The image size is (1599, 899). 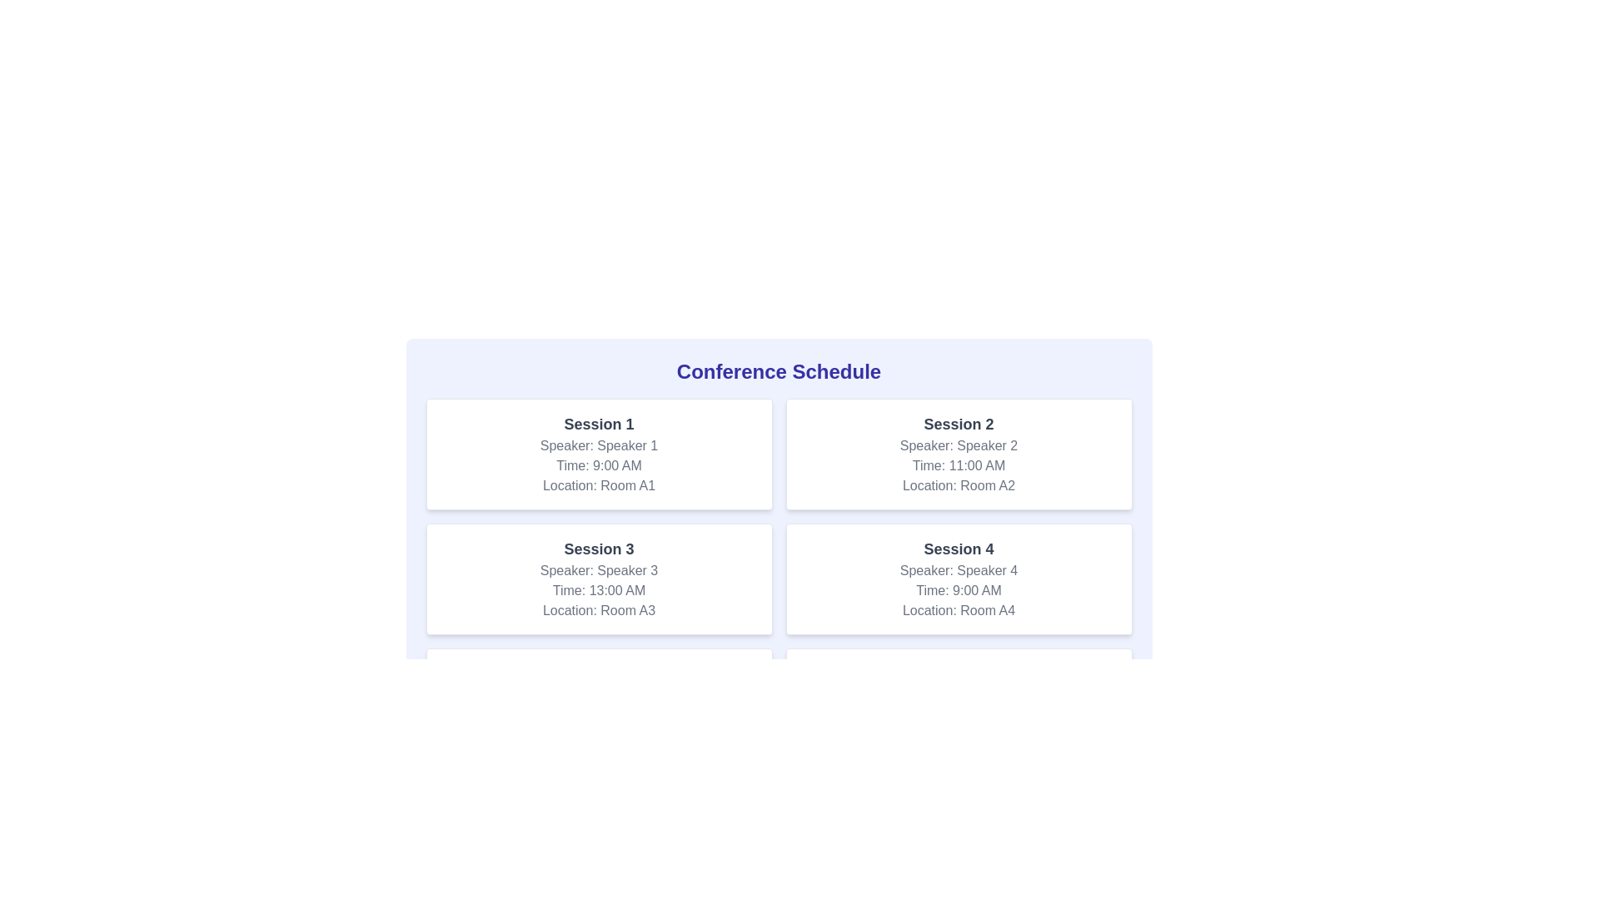 I want to click on the header text indicating the purpose of the section that contains the schedule of conference sessions, so click(x=778, y=371).